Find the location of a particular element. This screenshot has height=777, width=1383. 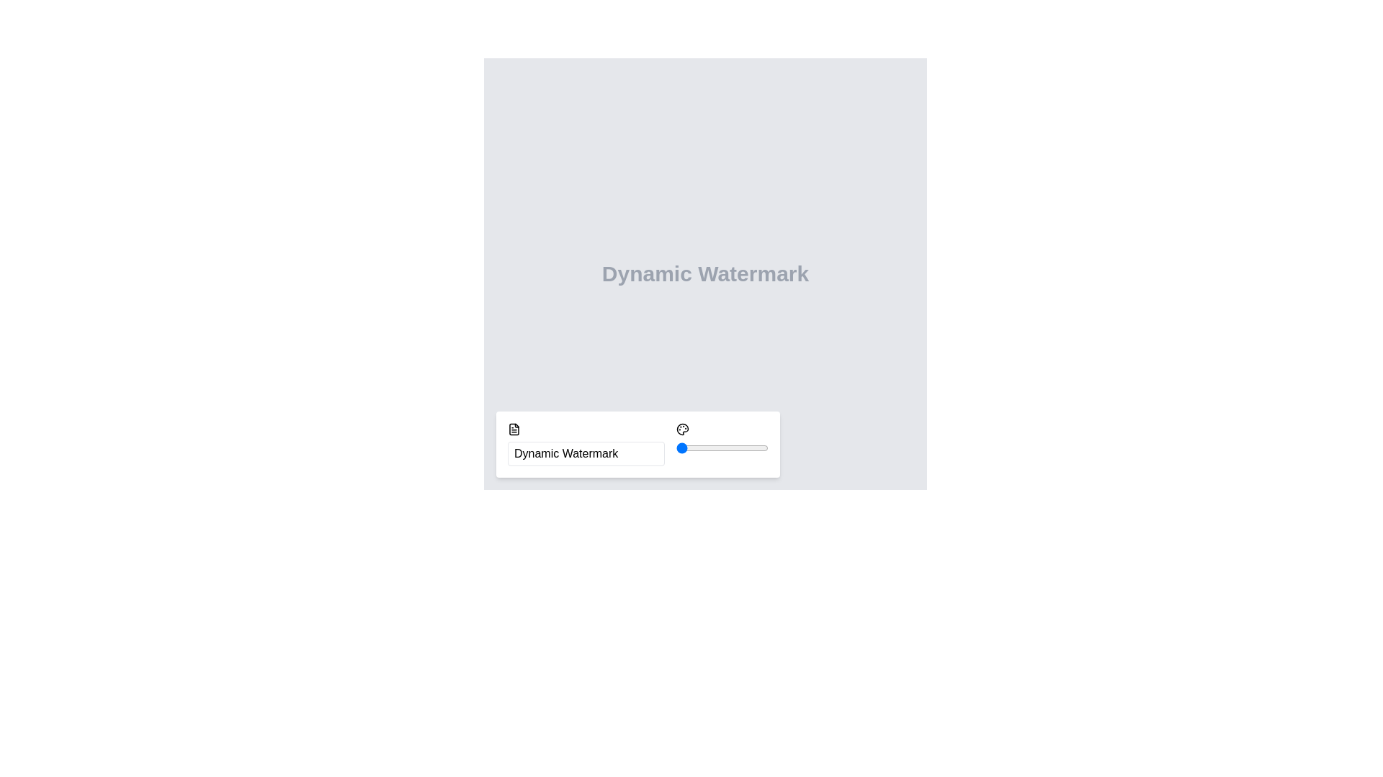

rotation angle is located at coordinates (684, 447).